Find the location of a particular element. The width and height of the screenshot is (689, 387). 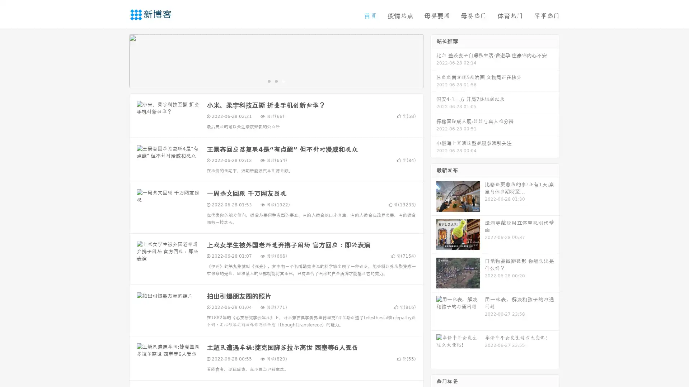

Previous slide is located at coordinates (118, 60).